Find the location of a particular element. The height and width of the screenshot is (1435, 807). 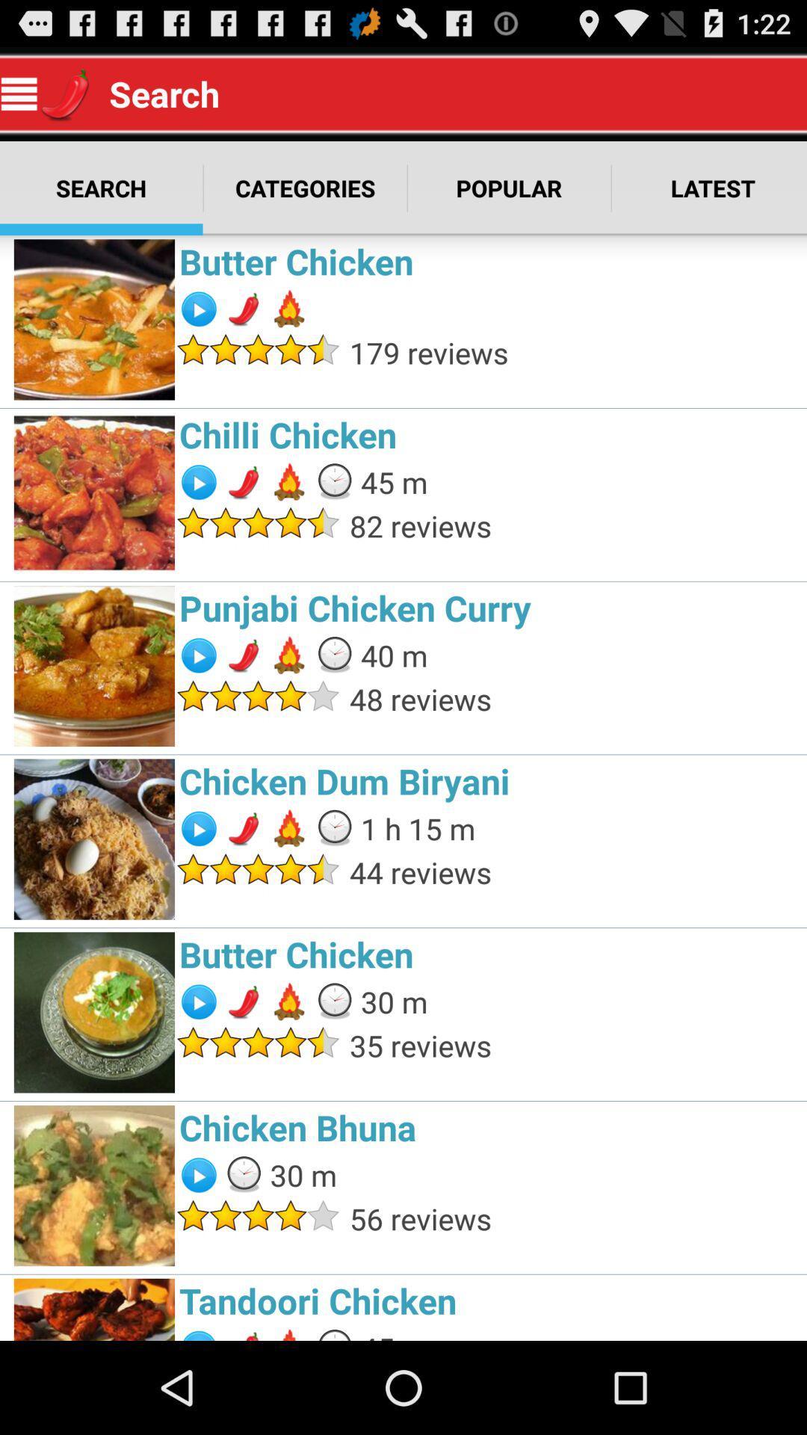

56 reviews app is located at coordinates (573, 1218).